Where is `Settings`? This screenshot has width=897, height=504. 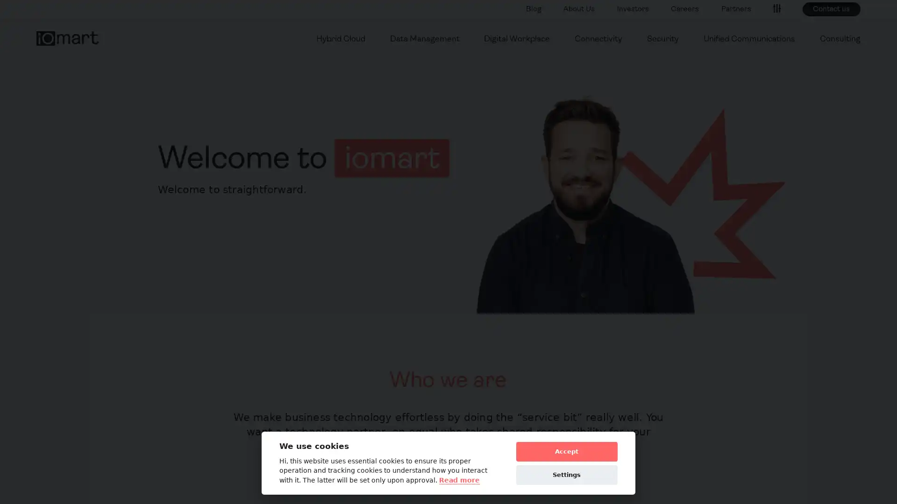
Settings is located at coordinates (566, 475).